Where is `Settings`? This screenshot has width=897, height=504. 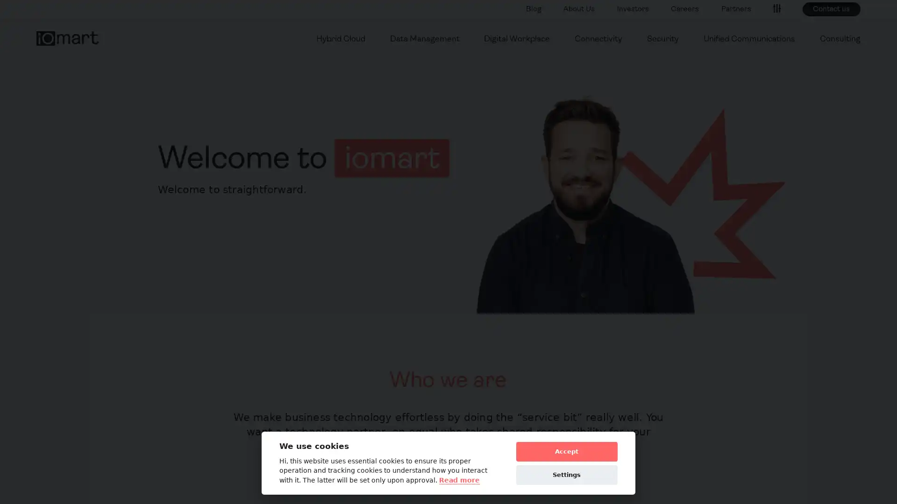
Settings is located at coordinates (566, 475).